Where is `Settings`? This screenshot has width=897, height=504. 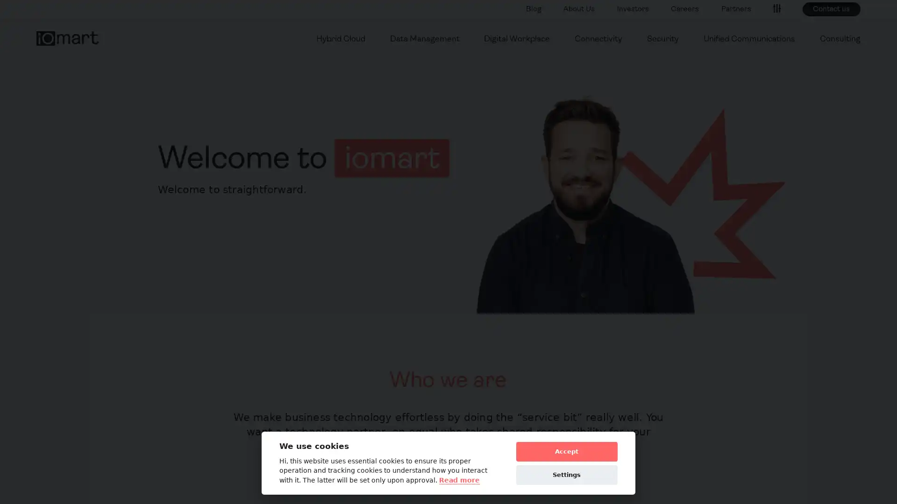
Settings is located at coordinates (566, 475).